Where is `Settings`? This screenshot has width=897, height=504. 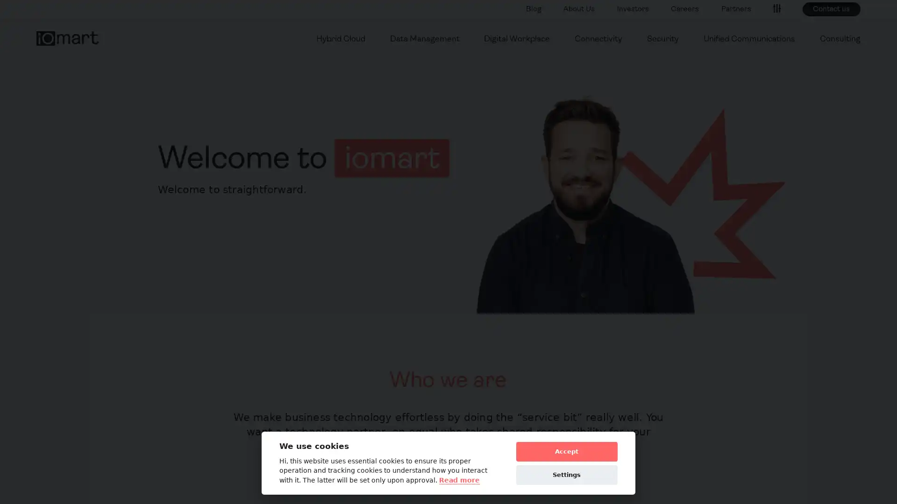
Settings is located at coordinates (566, 475).